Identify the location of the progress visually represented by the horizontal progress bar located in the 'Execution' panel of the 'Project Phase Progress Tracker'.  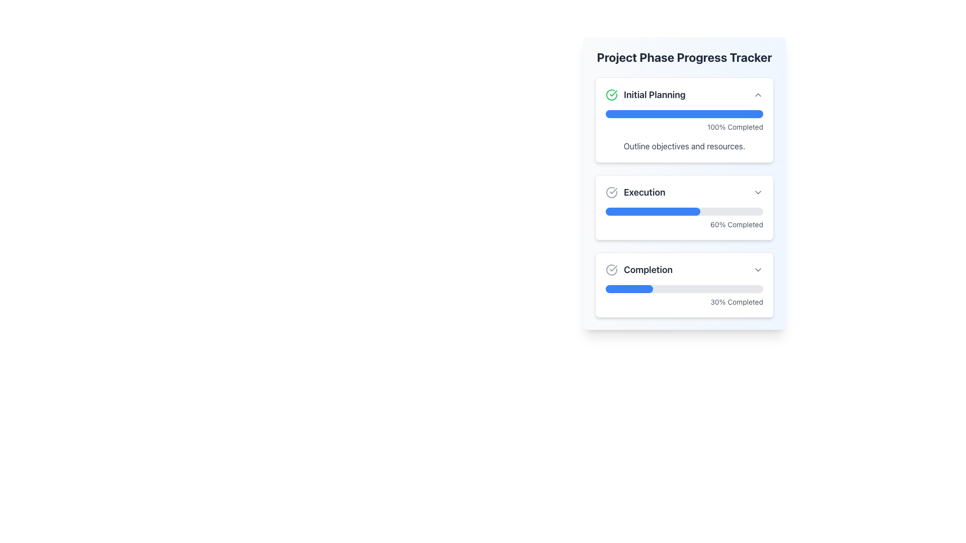
(684, 211).